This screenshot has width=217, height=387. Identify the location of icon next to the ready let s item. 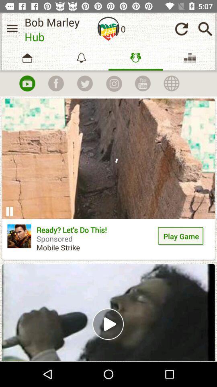
(19, 236).